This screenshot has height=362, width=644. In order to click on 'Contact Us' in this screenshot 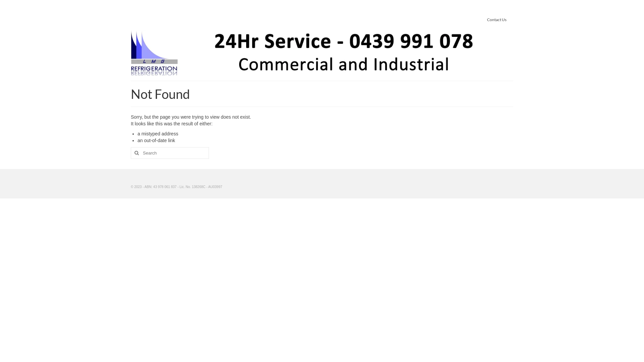, I will do `click(497, 19)`.